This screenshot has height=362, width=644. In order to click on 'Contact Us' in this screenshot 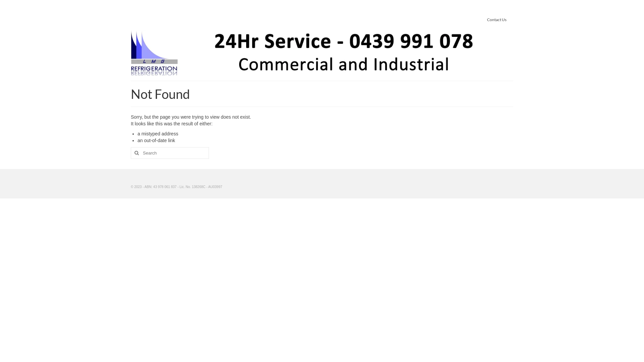, I will do `click(497, 19)`.